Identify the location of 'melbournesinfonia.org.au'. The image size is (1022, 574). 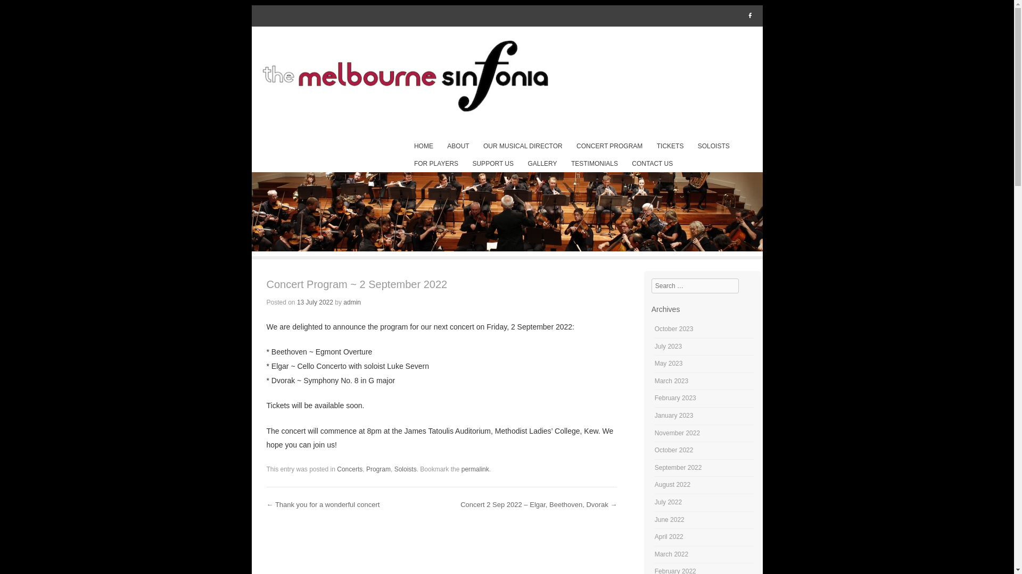
(506, 77).